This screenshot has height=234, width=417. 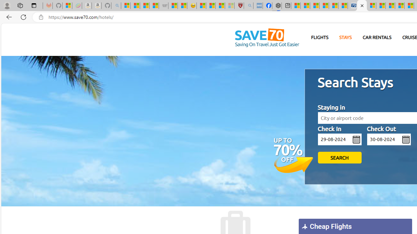 What do you see at coordinates (389, 139) in the screenshot?
I see `'mm/dd/yy'` at bounding box center [389, 139].